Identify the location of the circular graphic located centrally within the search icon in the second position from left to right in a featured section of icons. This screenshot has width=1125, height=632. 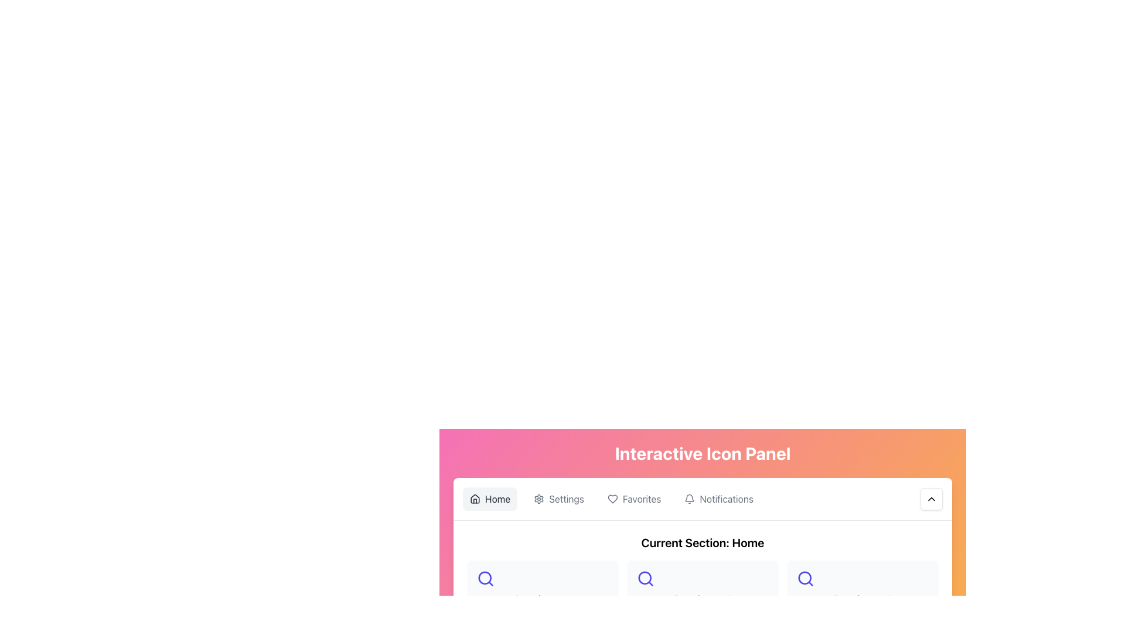
(804, 577).